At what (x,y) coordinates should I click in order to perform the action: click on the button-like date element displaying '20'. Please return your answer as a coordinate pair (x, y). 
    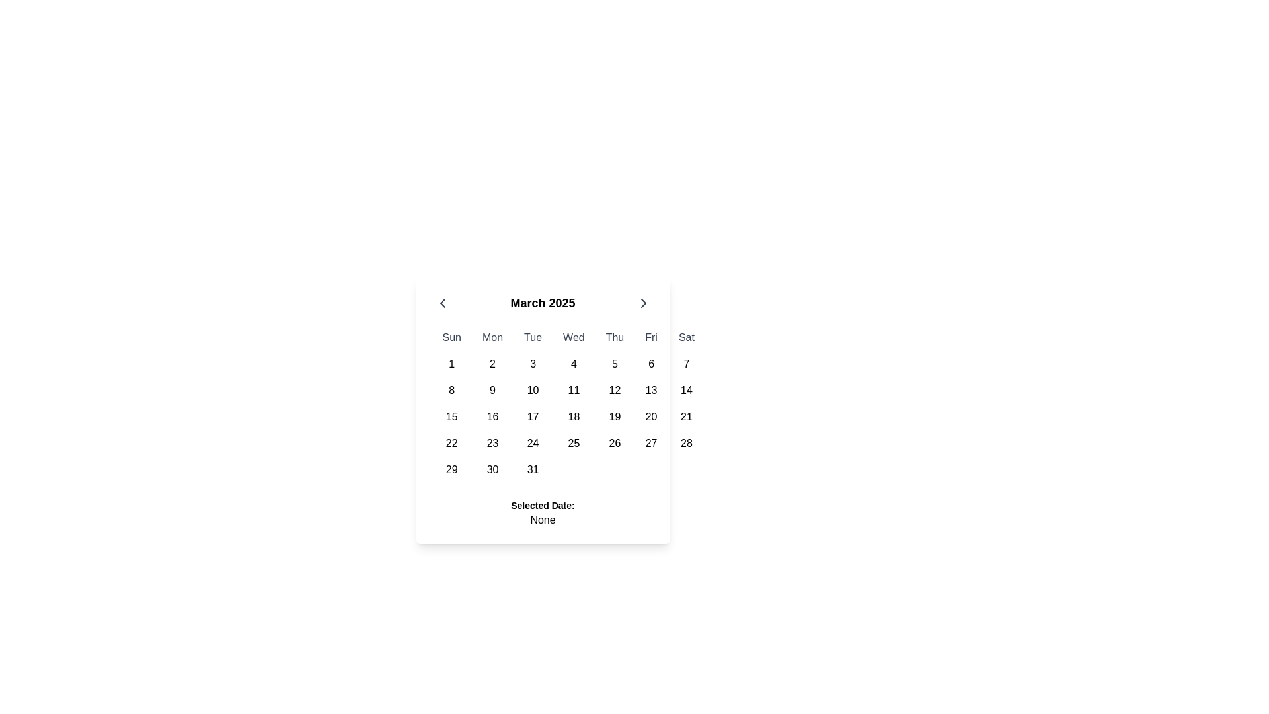
    Looking at the image, I should click on (651, 417).